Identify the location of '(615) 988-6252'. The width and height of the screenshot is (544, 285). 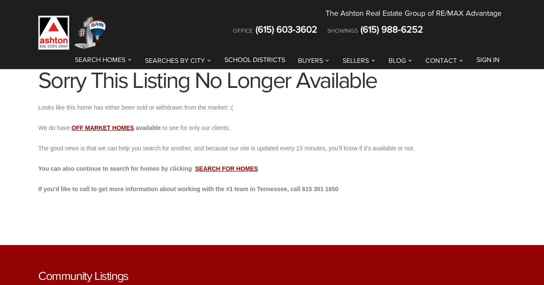
(391, 29).